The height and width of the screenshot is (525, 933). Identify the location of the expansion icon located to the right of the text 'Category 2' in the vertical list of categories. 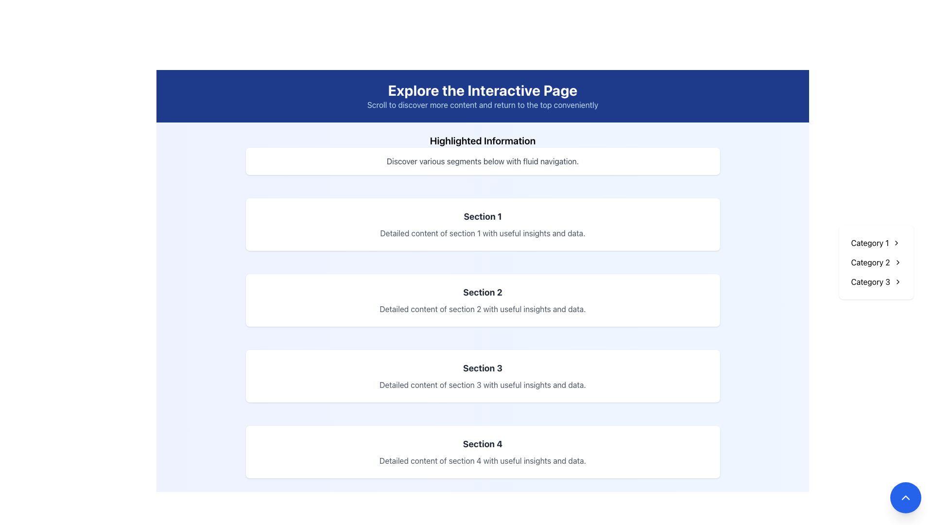
(897, 262).